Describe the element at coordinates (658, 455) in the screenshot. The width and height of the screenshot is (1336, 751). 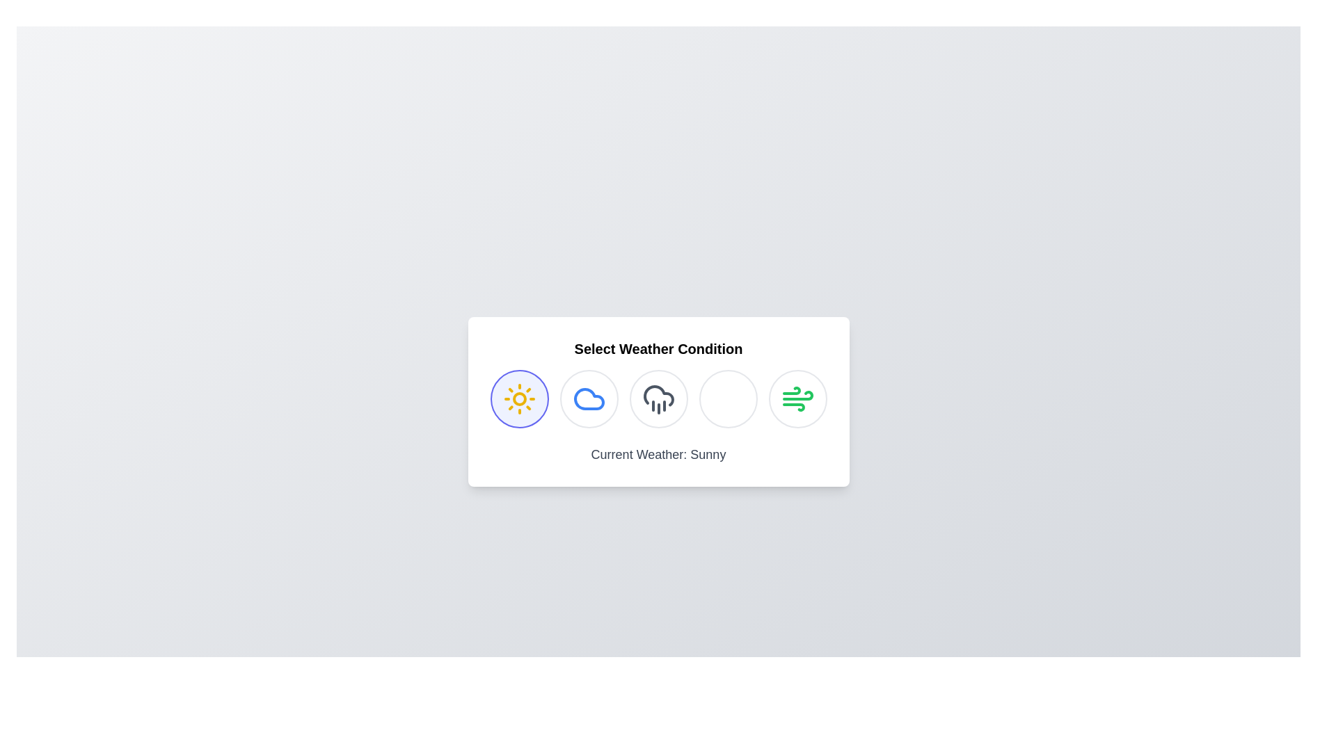
I see `text from the label that displays 'Current Weather: Sunny', which is styled with gray color and large font size, located below the weather condition icons` at that location.